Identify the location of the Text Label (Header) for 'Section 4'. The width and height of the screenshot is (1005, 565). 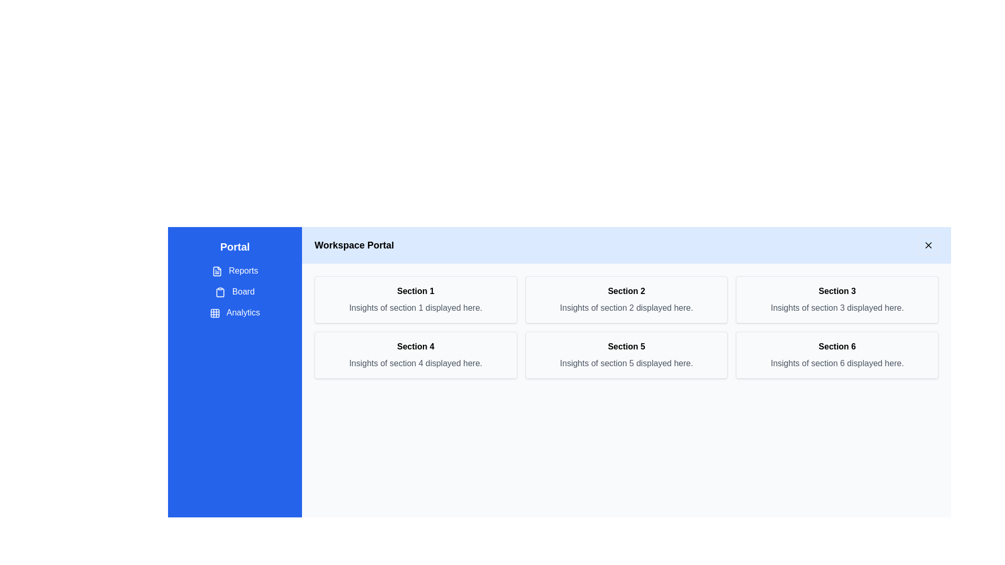
(415, 347).